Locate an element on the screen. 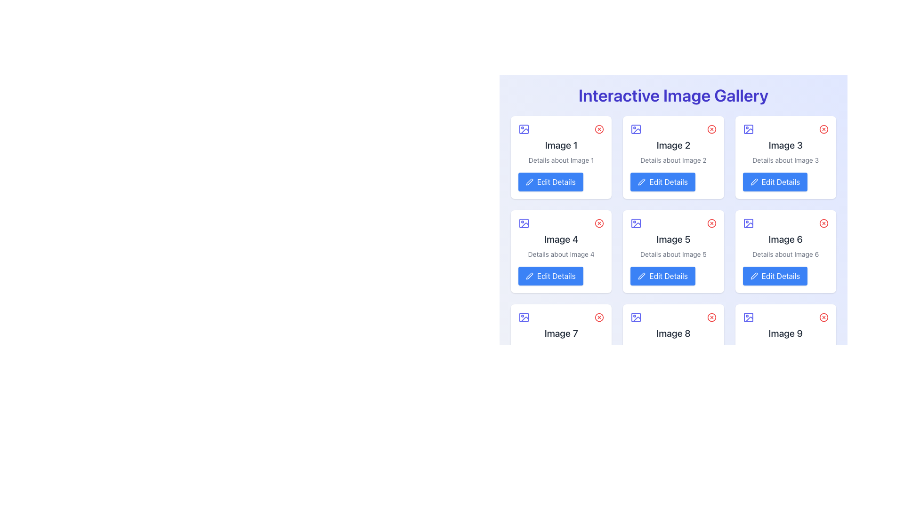 This screenshot has width=904, height=508. the button to edit details related to Image 4, located below 'Details about Image 4' in the fourth card of the grid is located at coordinates (550, 275).